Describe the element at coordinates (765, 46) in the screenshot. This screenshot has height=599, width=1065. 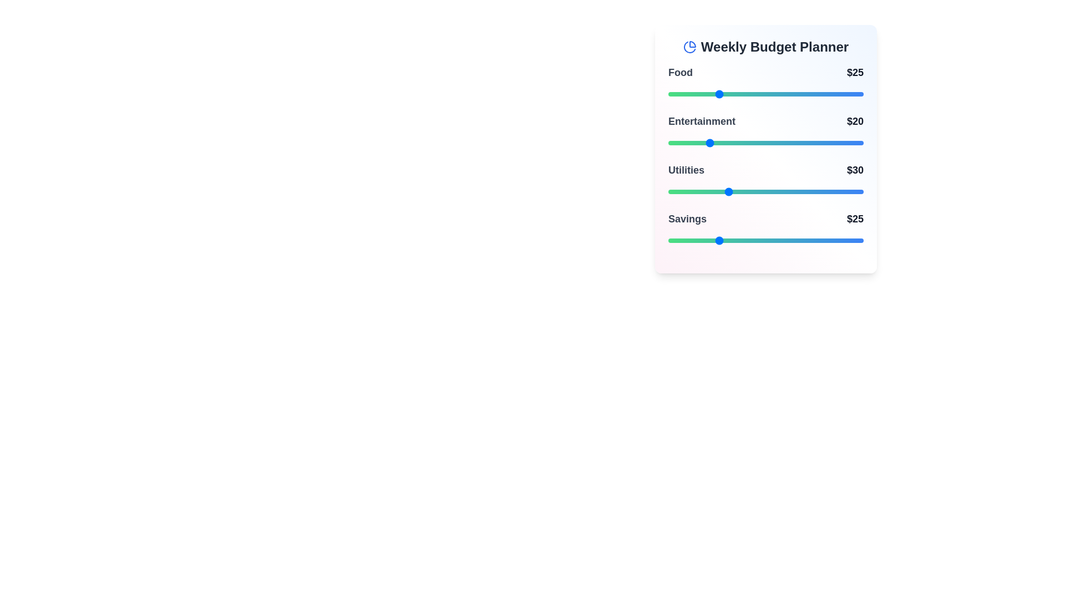
I see `the 'Weekly Budget Planner' title` at that location.